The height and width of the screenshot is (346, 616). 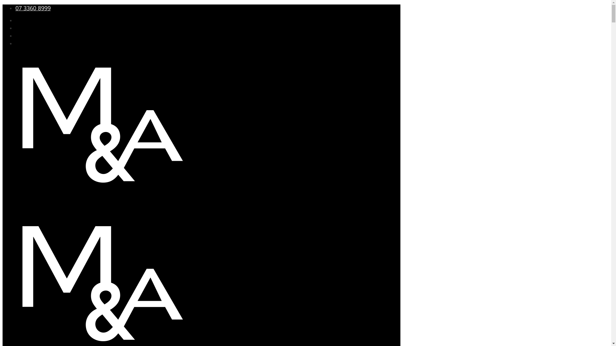 I want to click on '07 3360 8999', so click(x=15, y=8).